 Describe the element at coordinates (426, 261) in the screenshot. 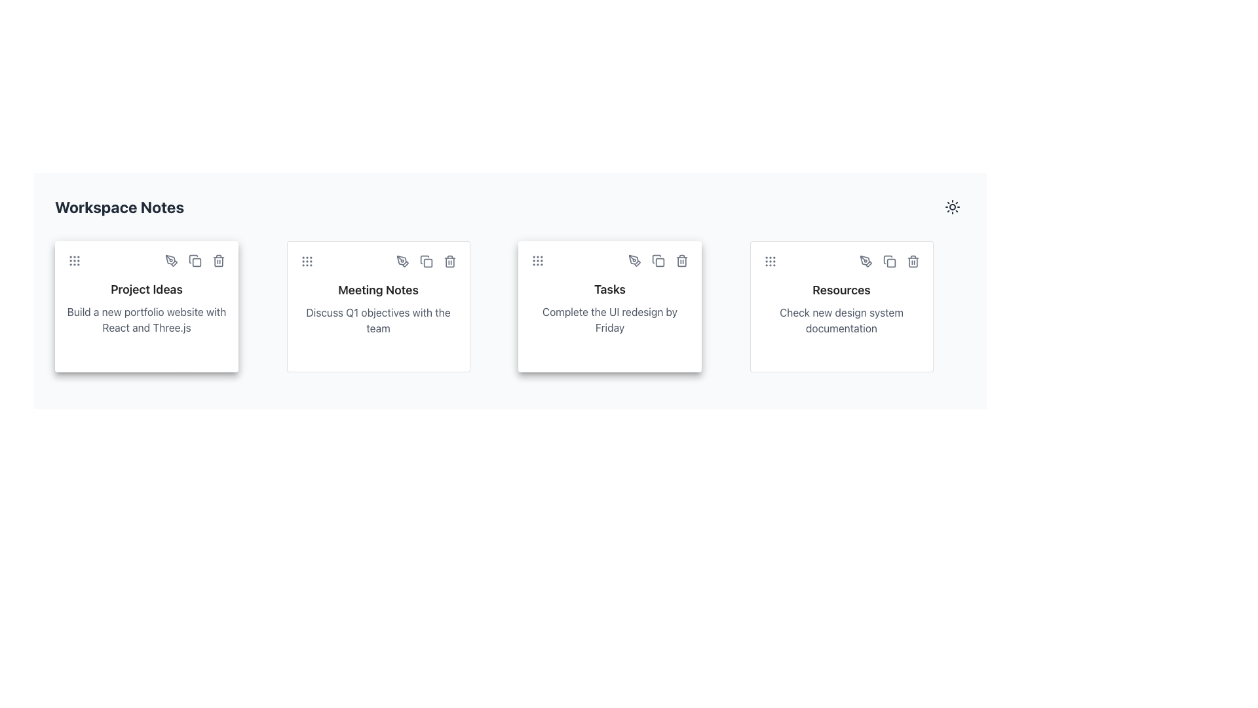

I see `the central copy button with an icon of two overlapping rectangles located at the top-right corner of the 'Meeting Notes' card` at that location.